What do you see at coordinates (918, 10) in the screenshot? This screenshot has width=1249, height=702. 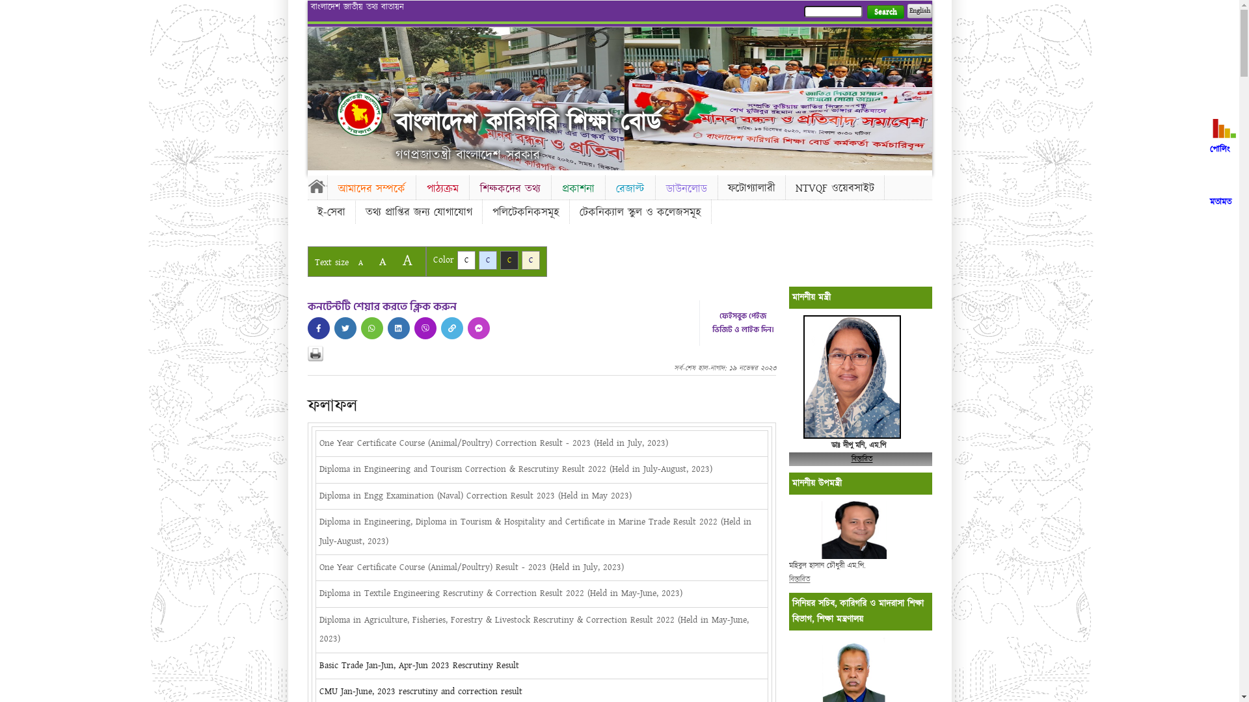 I see `'English'` at bounding box center [918, 10].